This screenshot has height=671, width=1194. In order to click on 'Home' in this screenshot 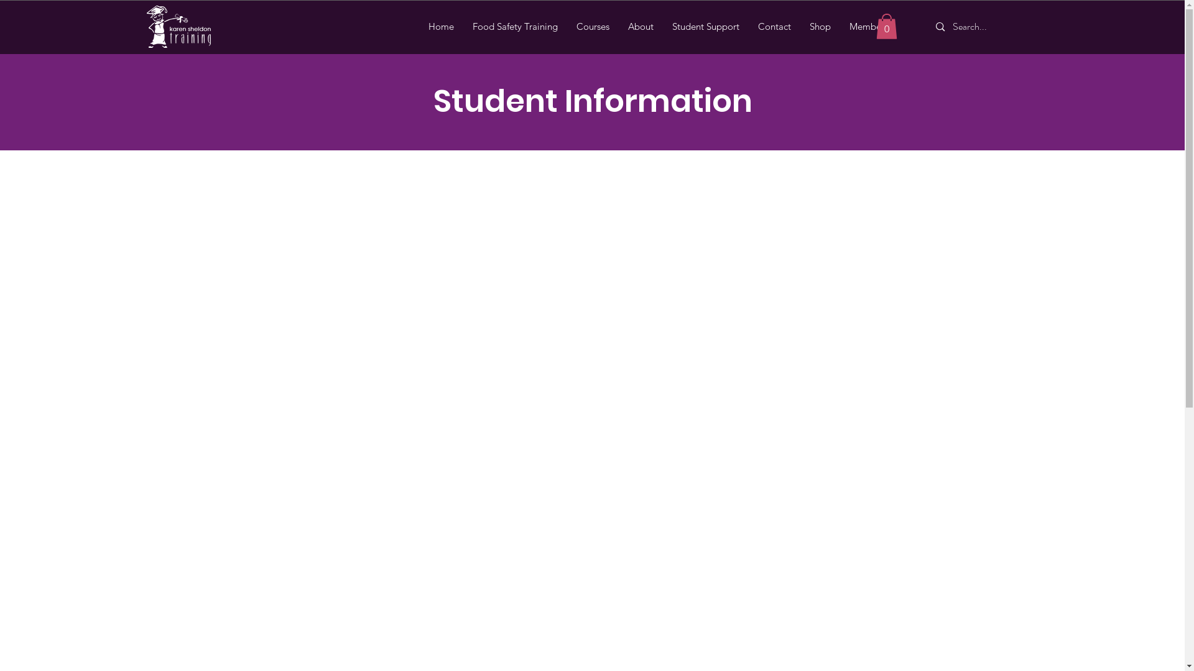, I will do `click(441, 26)`.